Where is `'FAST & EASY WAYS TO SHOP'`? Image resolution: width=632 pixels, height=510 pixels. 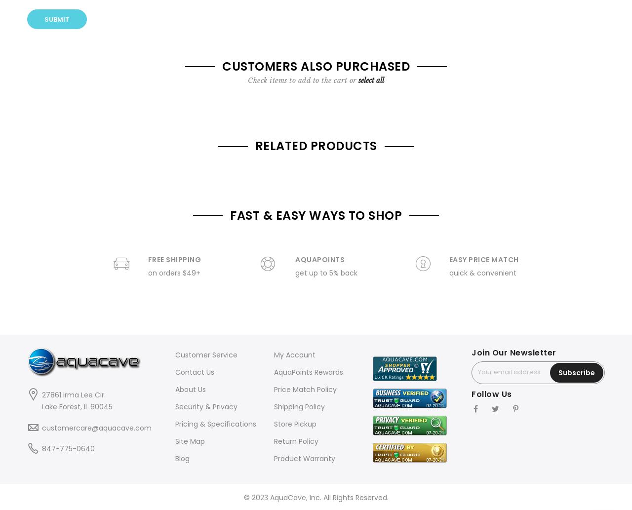
'FAST & EASY WAYS TO SHOP' is located at coordinates (316, 215).